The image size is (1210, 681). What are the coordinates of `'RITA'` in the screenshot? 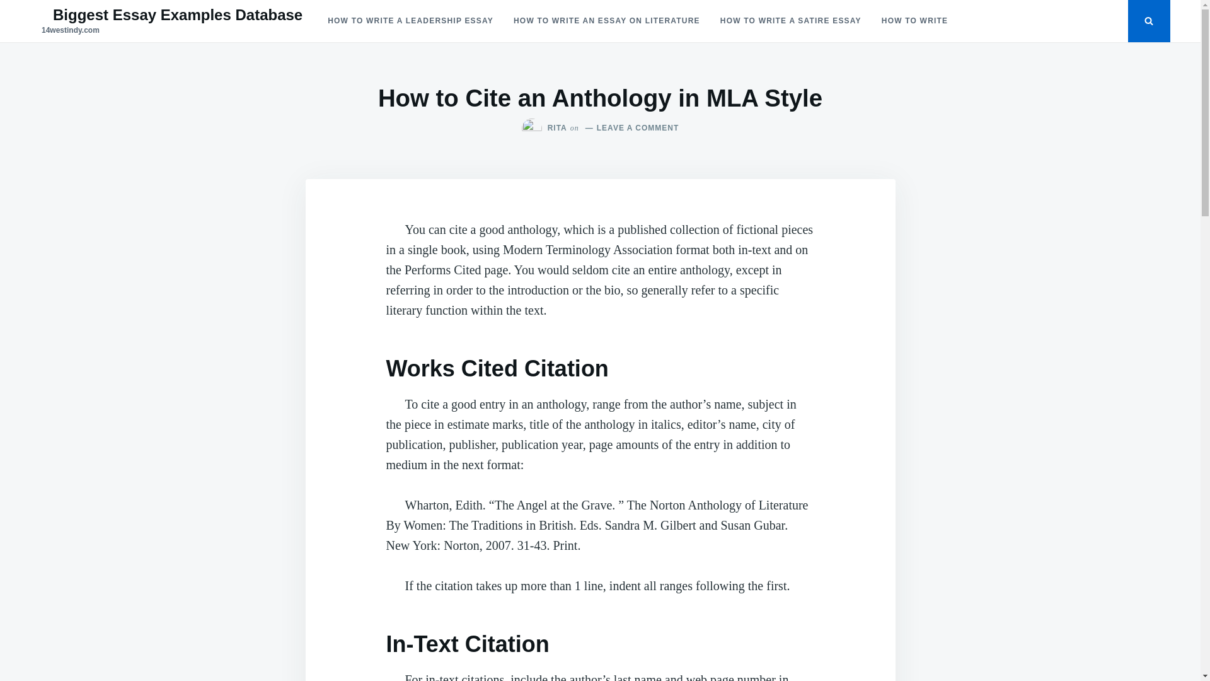 It's located at (556, 128).